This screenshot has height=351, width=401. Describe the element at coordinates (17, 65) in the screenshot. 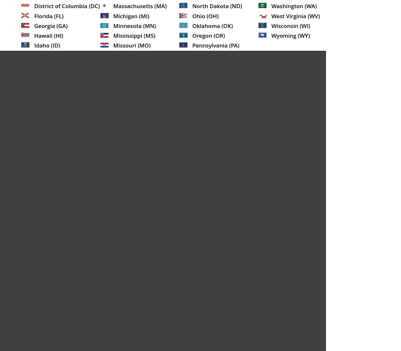

I see `'Copyright © 2016-2023 MaybeLoan. All Rights Reserved.'` at that location.